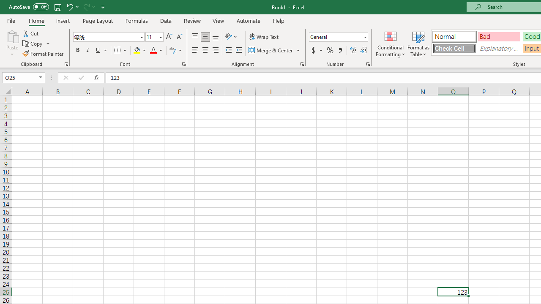 This screenshot has width=541, height=304. What do you see at coordinates (205, 50) in the screenshot?
I see `'Center'` at bounding box center [205, 50].